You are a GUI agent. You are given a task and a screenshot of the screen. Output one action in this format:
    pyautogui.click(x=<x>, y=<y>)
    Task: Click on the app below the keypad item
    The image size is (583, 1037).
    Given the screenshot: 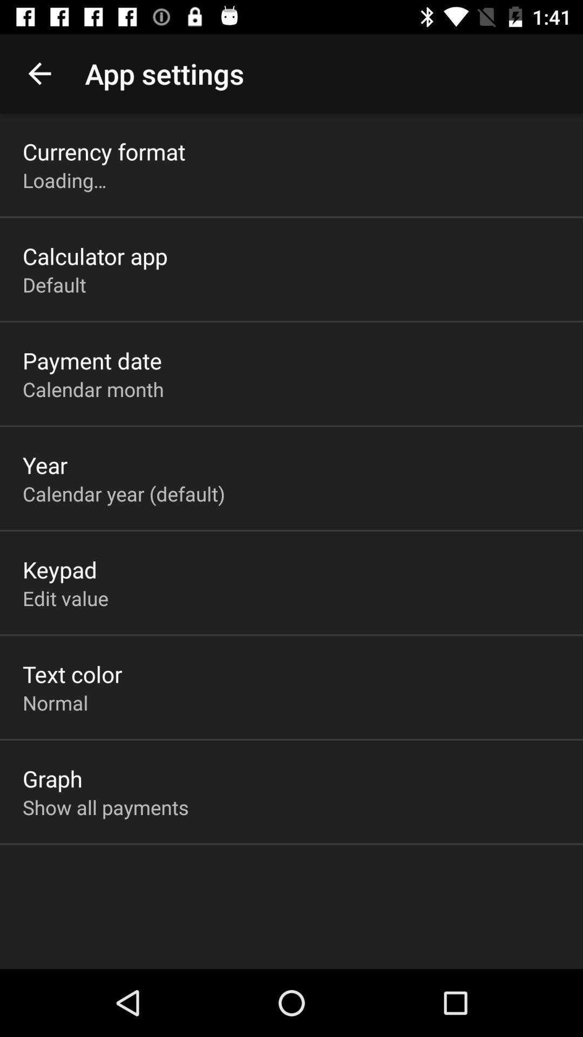 What is the action you would take?
    pyautogui.click(x=65, y=597)
    